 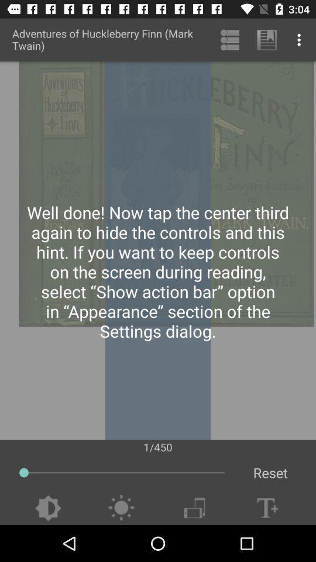 I want to click on open brightness menu, so click(x=121, y=508).